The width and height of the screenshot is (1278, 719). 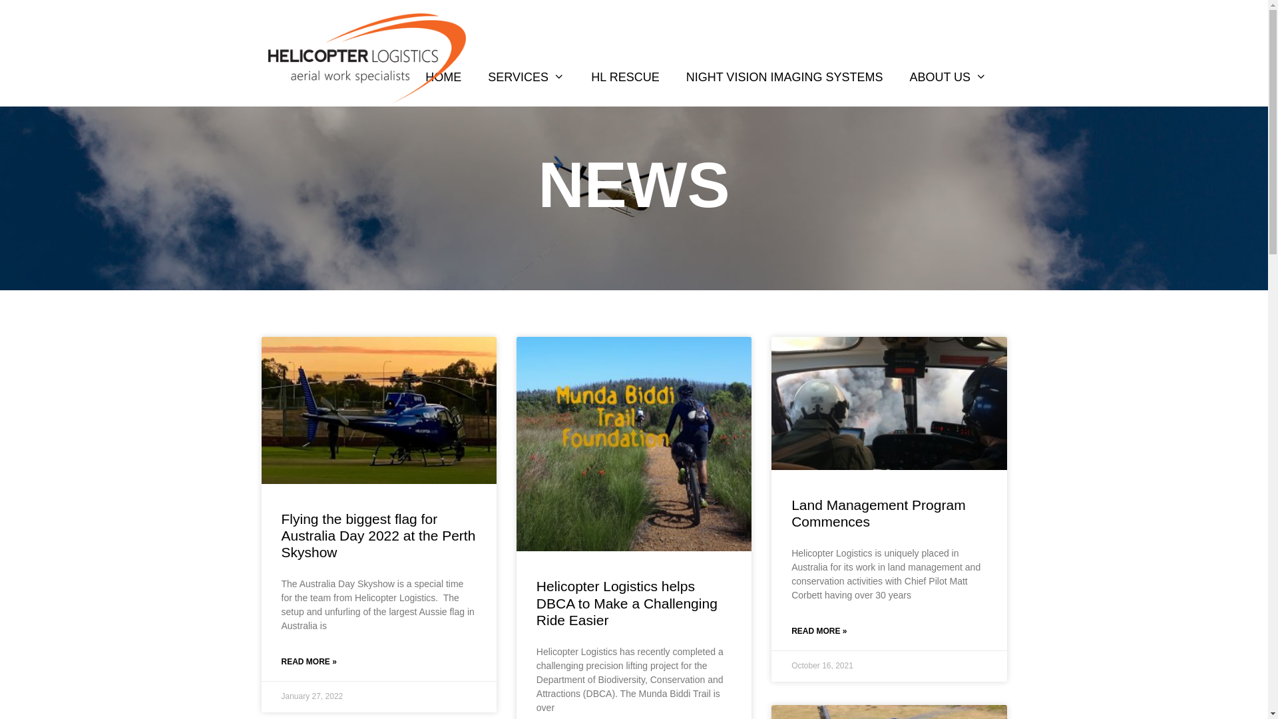 What do you see at coordinates (947, 77) in the screenshot?
I see `'ABOUT US'` at bounding box center [947, 77].